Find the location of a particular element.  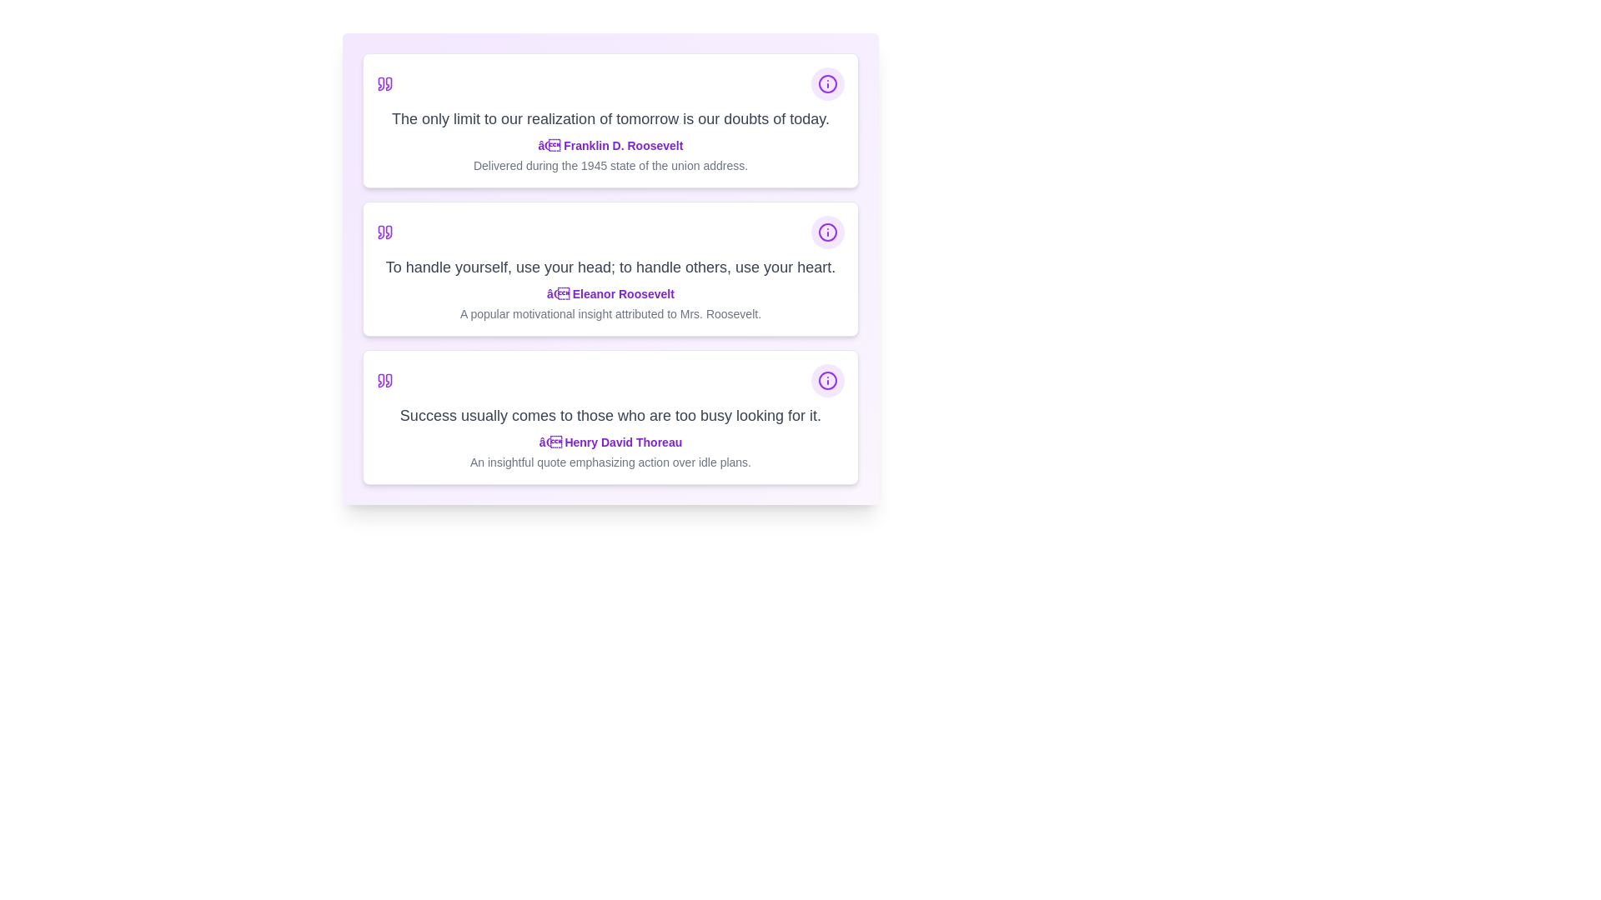

the attribution label located below the quote 'Success usually comes to those who are too busy looking for it.' is located at coordinates (610, 442).